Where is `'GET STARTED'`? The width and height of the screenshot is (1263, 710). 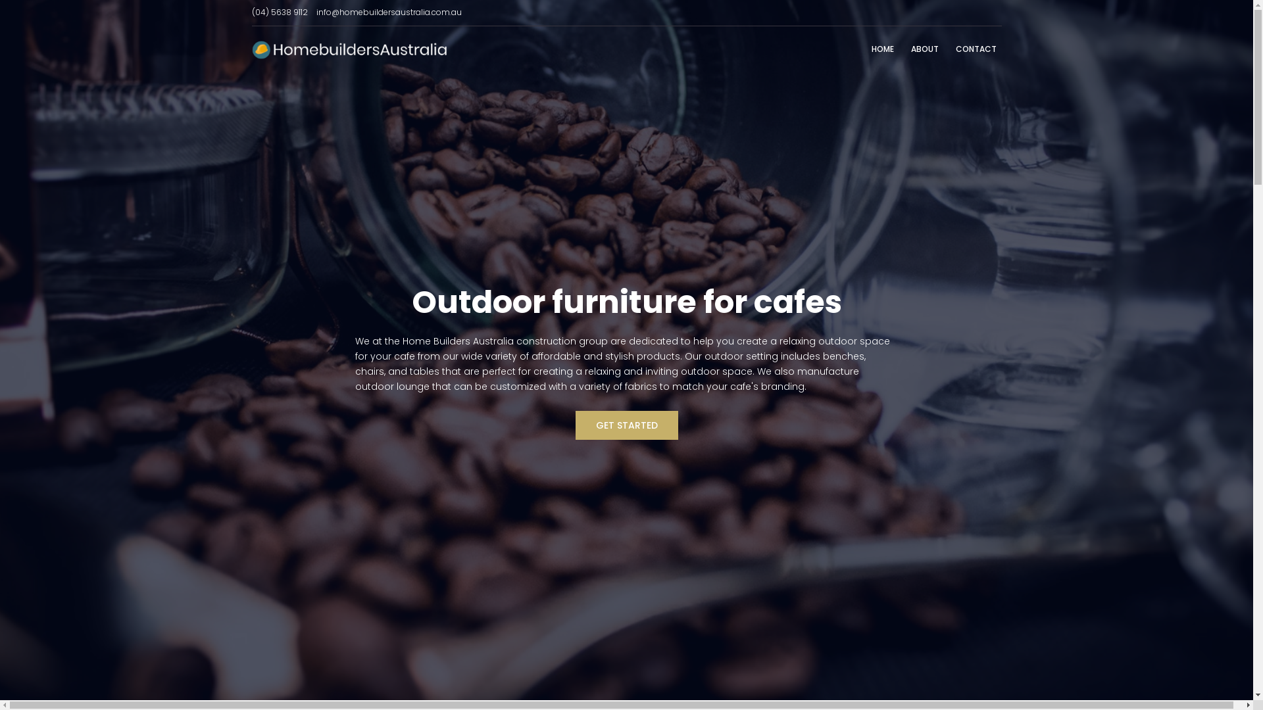 'GET STARTED' is located at coordinates (625, 425).